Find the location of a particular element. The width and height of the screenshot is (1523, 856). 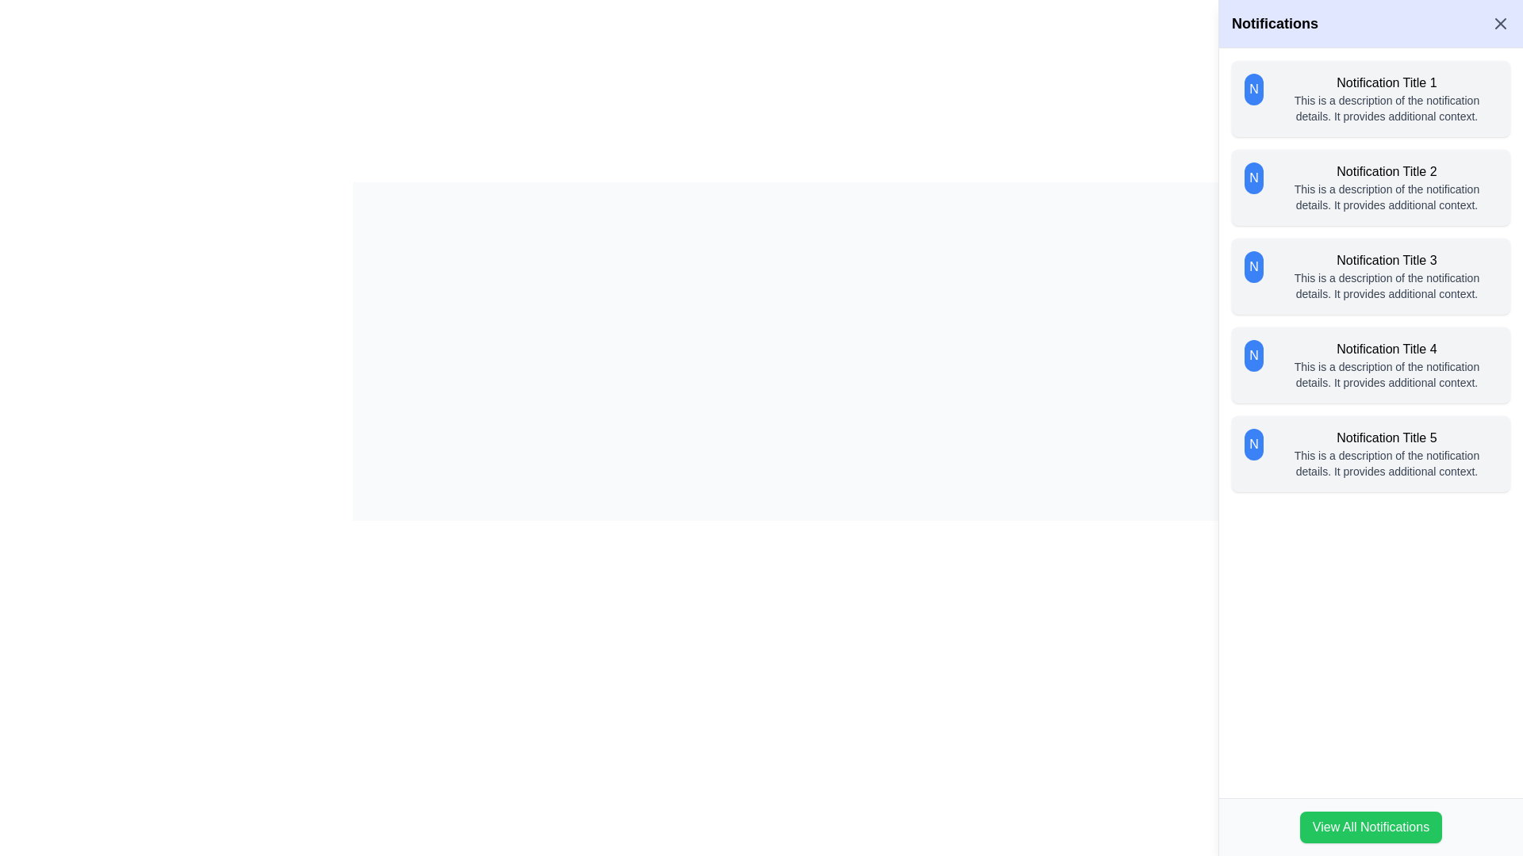

the third notification card in the sidebar is located at coordinates (1370, 275).